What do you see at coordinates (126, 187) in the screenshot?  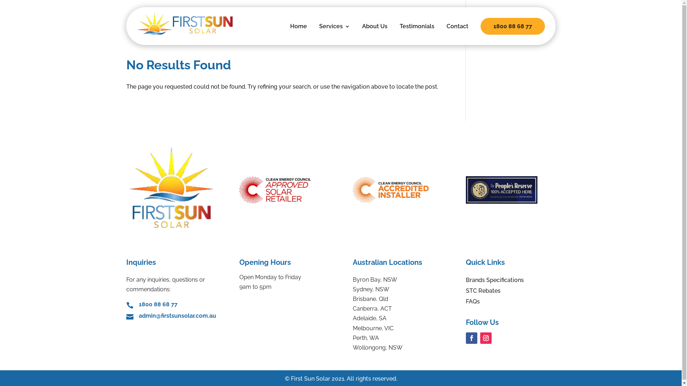 I see `'logo 200'` at bounding box center [126, 187].